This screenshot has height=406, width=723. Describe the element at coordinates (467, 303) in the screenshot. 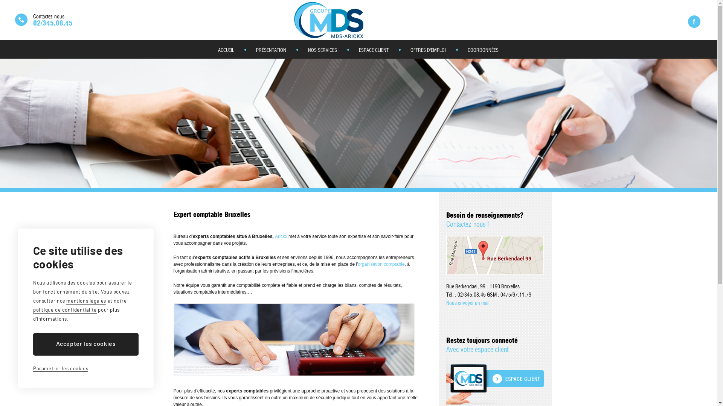

I see `'Nous envoyer un mail'` at that location.